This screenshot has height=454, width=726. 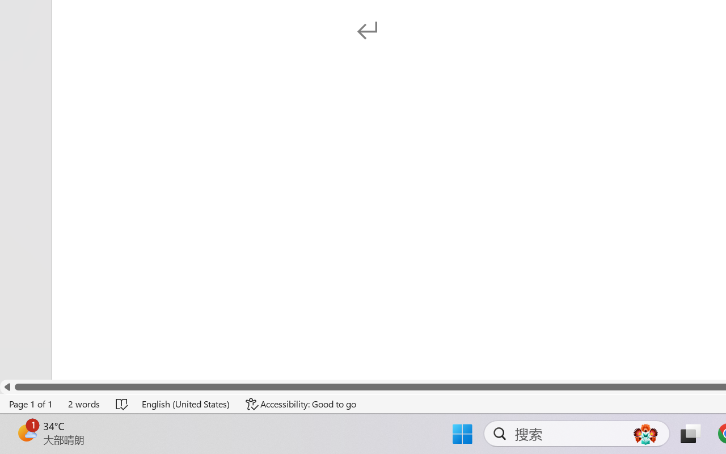 I want to click on 'Page Number Page 1 of 1', so click(x=31, y=403).